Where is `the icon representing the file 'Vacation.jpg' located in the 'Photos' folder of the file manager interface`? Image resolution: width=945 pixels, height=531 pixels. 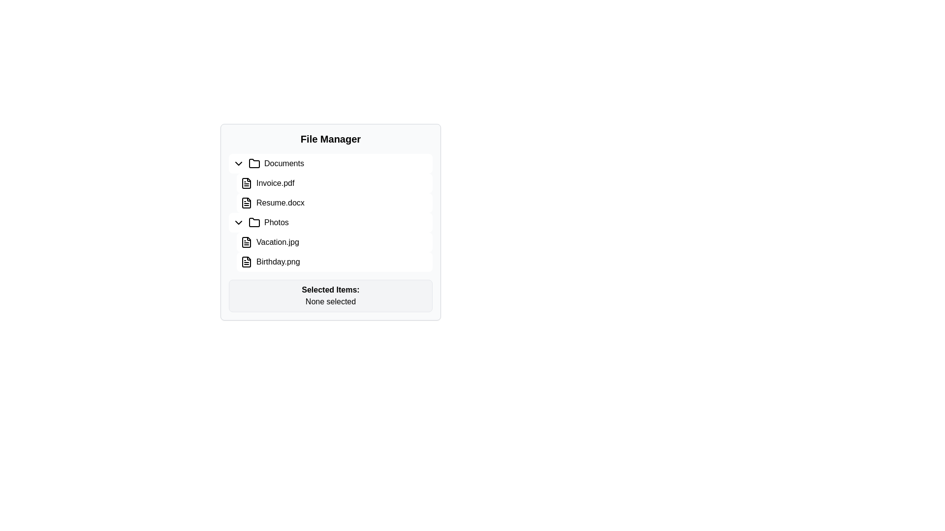
the icon representing the file 'Vacation.jpg' located in the 'Photos' folder of the file manager interface is located at coordinates (246, 242).